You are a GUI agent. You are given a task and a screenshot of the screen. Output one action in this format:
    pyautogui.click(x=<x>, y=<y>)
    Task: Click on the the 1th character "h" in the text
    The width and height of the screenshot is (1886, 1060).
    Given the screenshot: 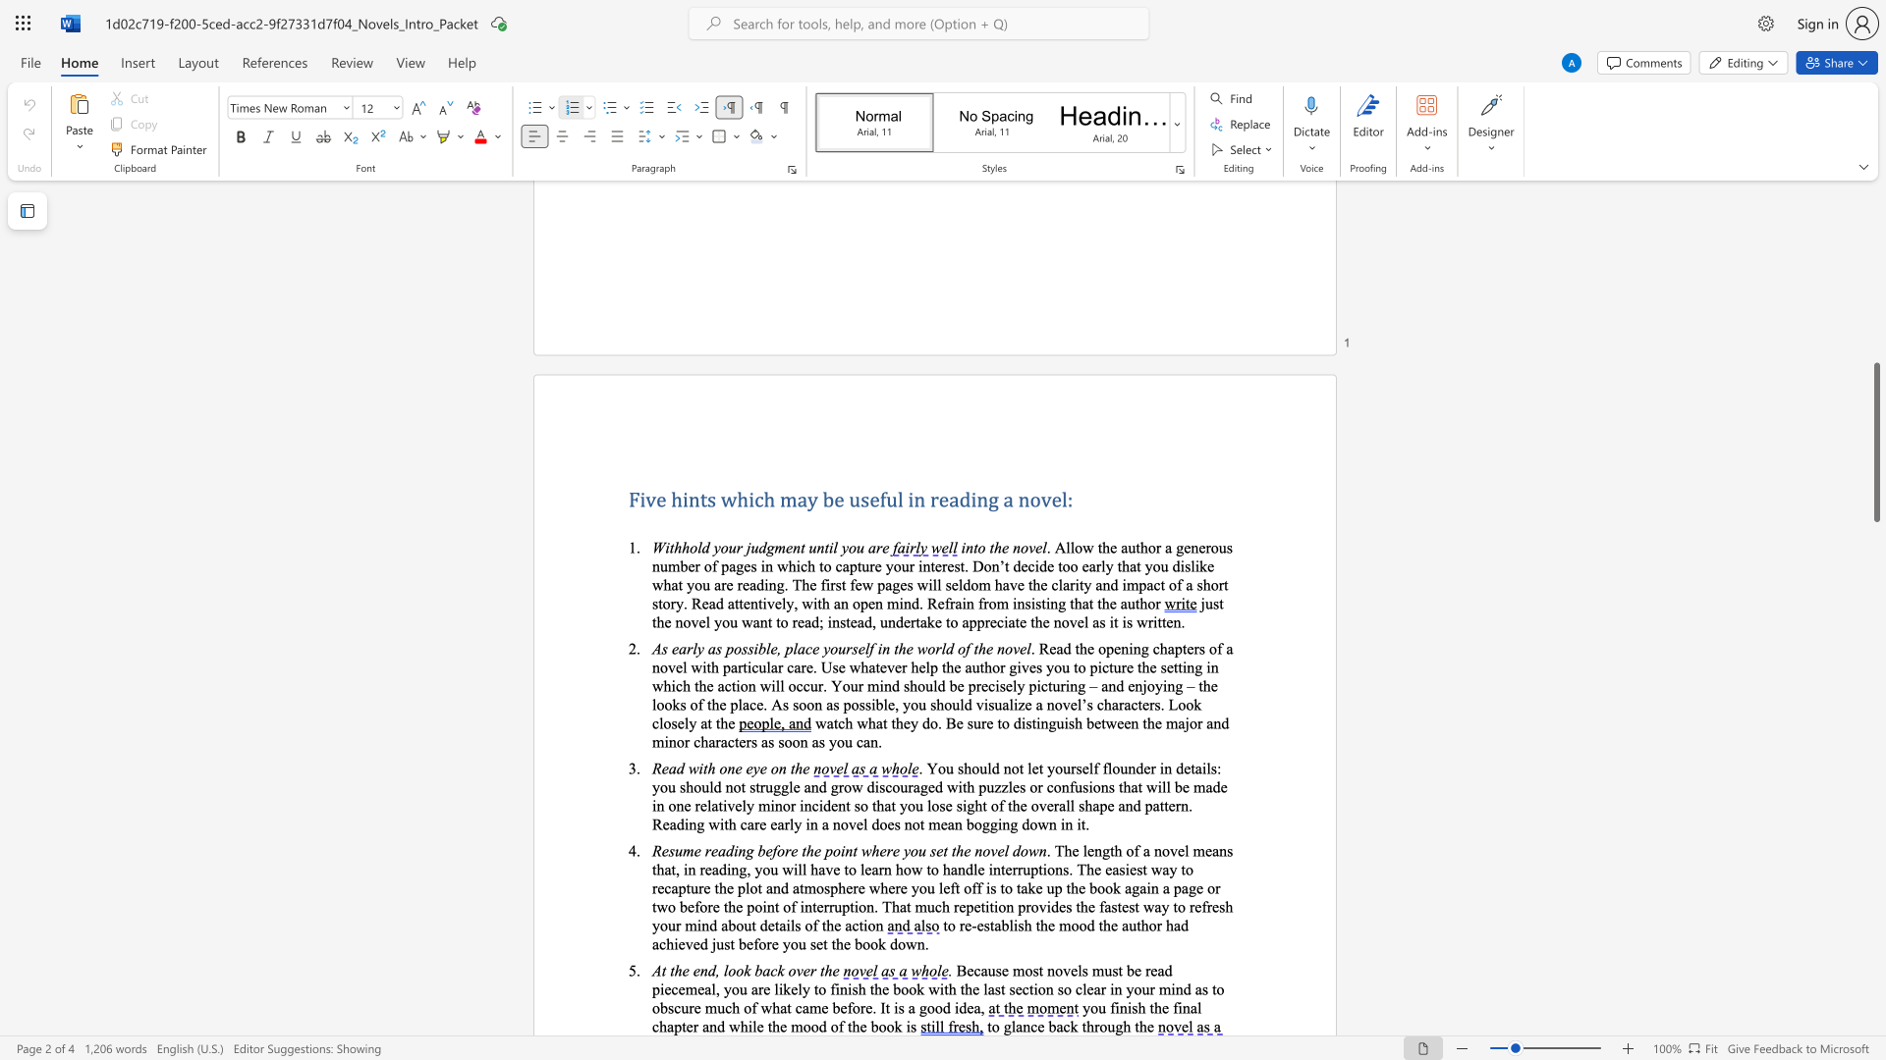 What is the action you would take?
    pyautogui.click(x=743, y=1025)
    